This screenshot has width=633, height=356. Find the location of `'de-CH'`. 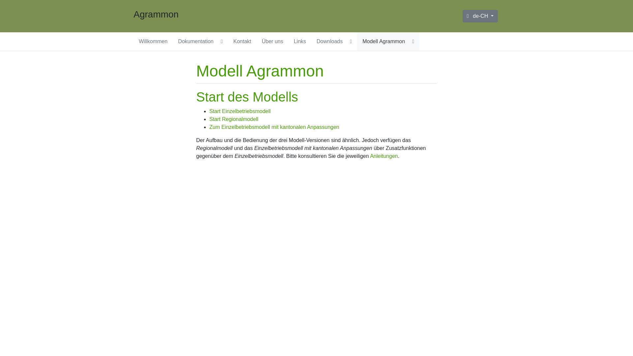

'de-CH' is located at coordinates (480, 16).